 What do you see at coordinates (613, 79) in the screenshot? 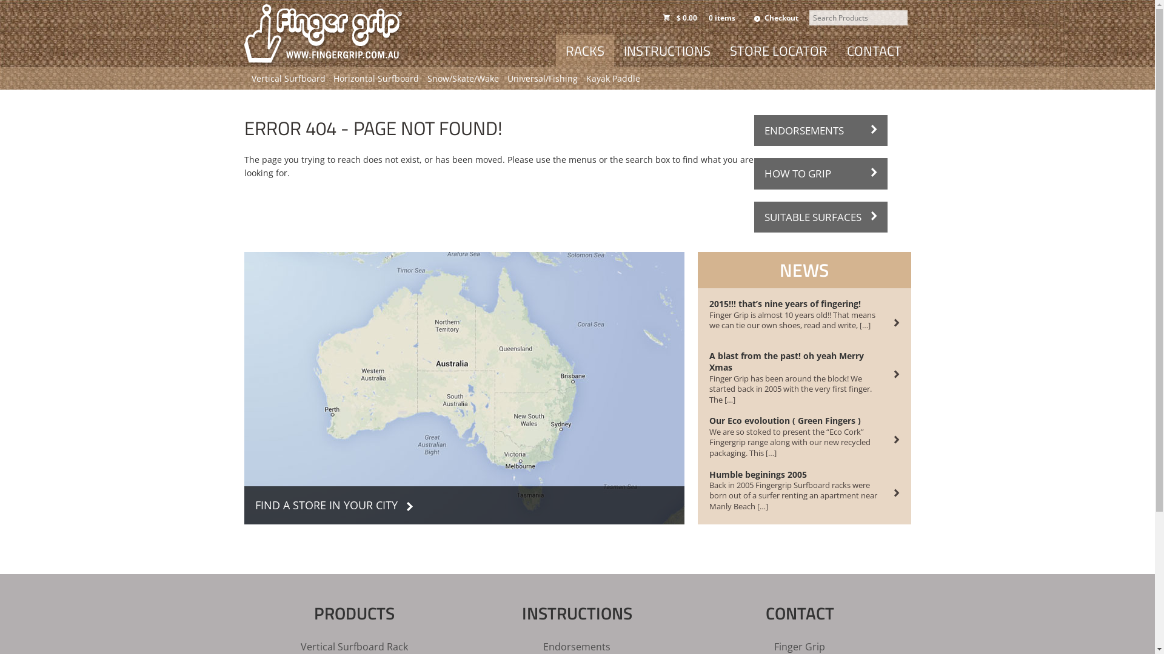
I see `'Kayak Paddle'` at bounding box center [613, 79].